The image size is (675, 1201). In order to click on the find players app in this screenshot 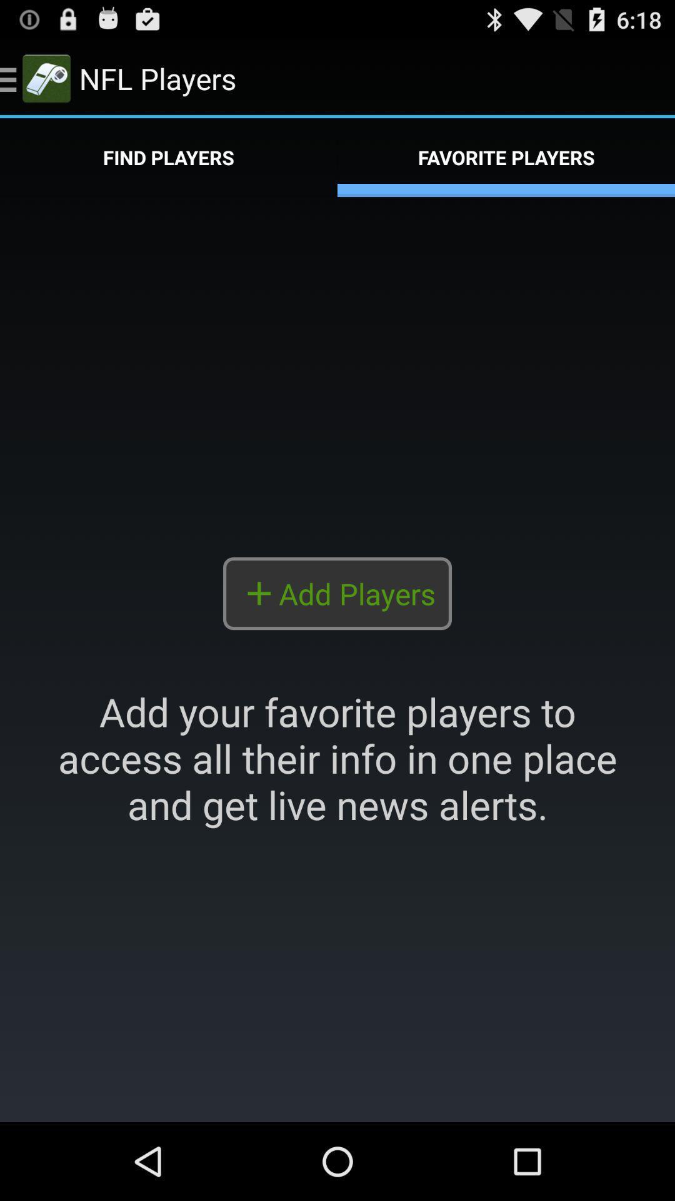, I will do `click(169, 157)`.